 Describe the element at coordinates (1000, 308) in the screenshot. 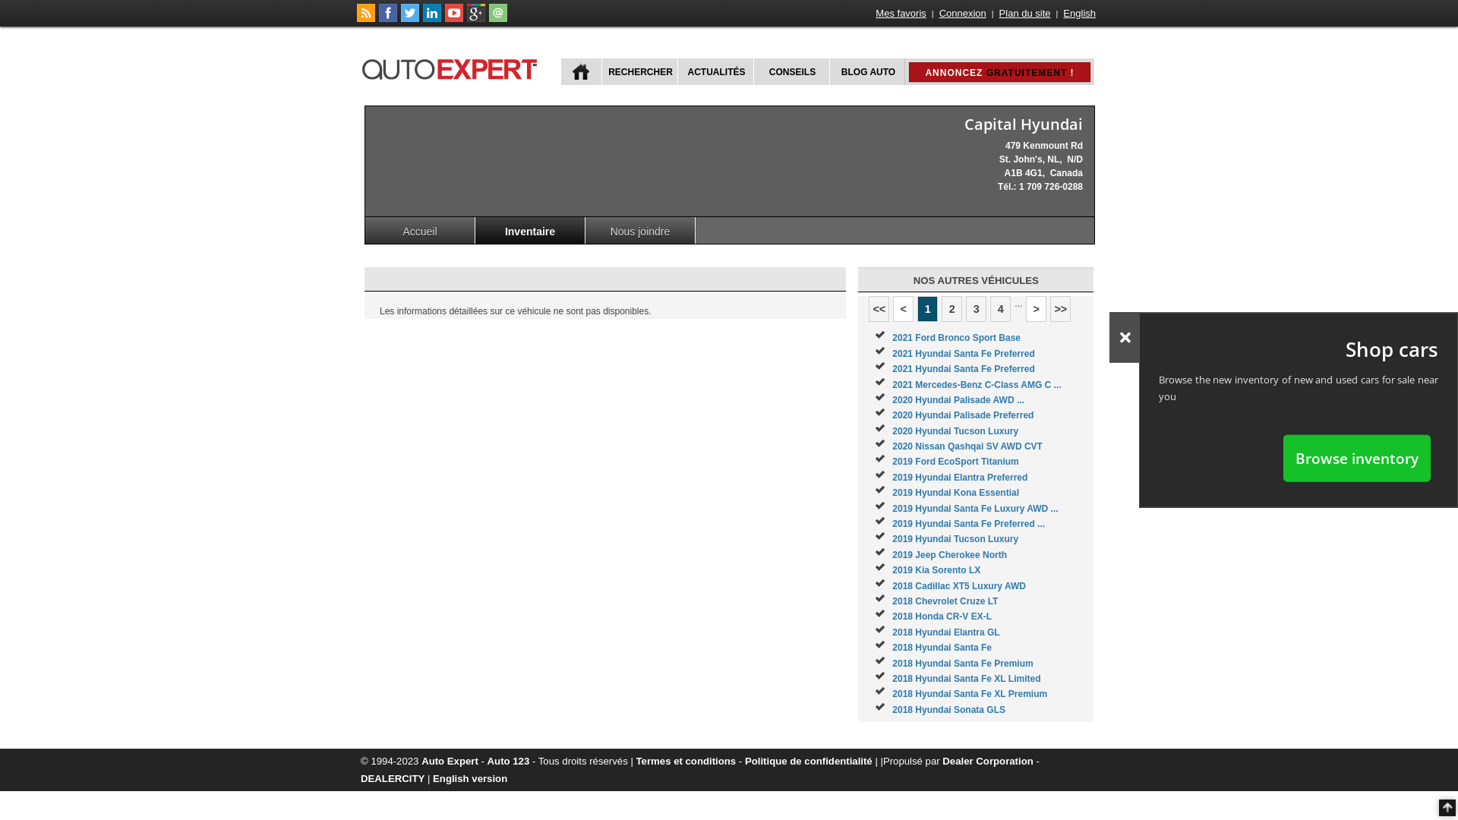

I see `'4'` at that location.